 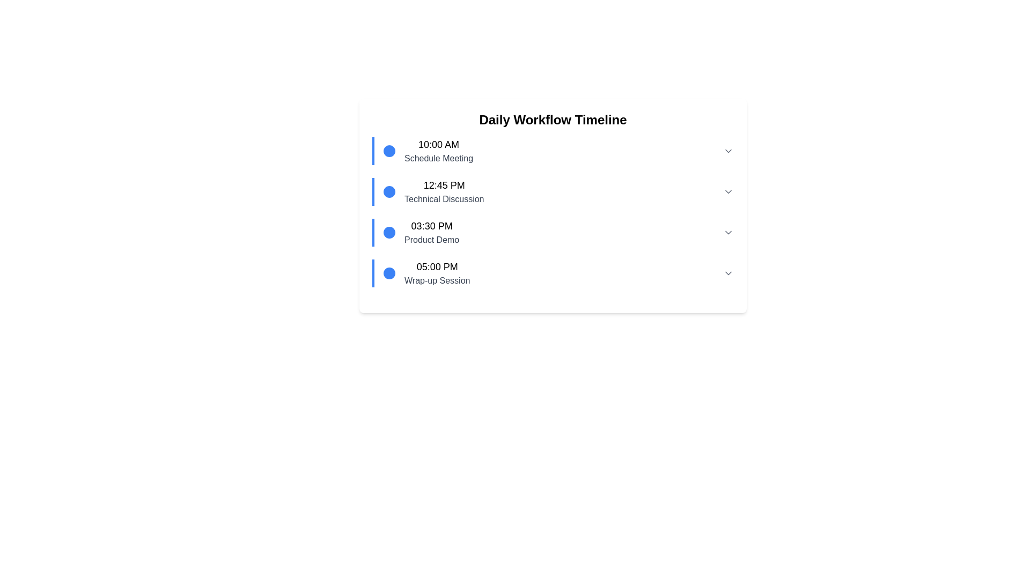 What do you see at coordinates (421, 232) in the screenshot?
I see `details of the Timeline Event Entry that includes the timestamp '03:30 PM' and the label 'Product Demo', which is the third entry in the vertical timeline layout` at bounding box center [421, 232].